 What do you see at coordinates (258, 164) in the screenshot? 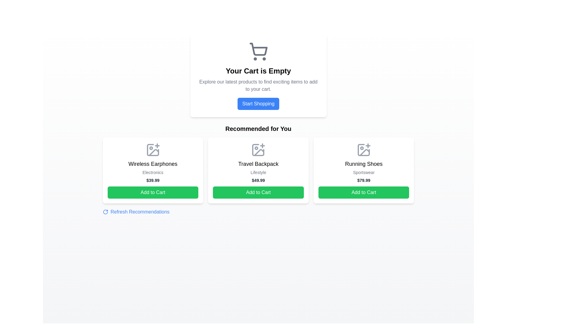
I see `the 'Travel Backpack' text label` at bounding box center [258, 164].